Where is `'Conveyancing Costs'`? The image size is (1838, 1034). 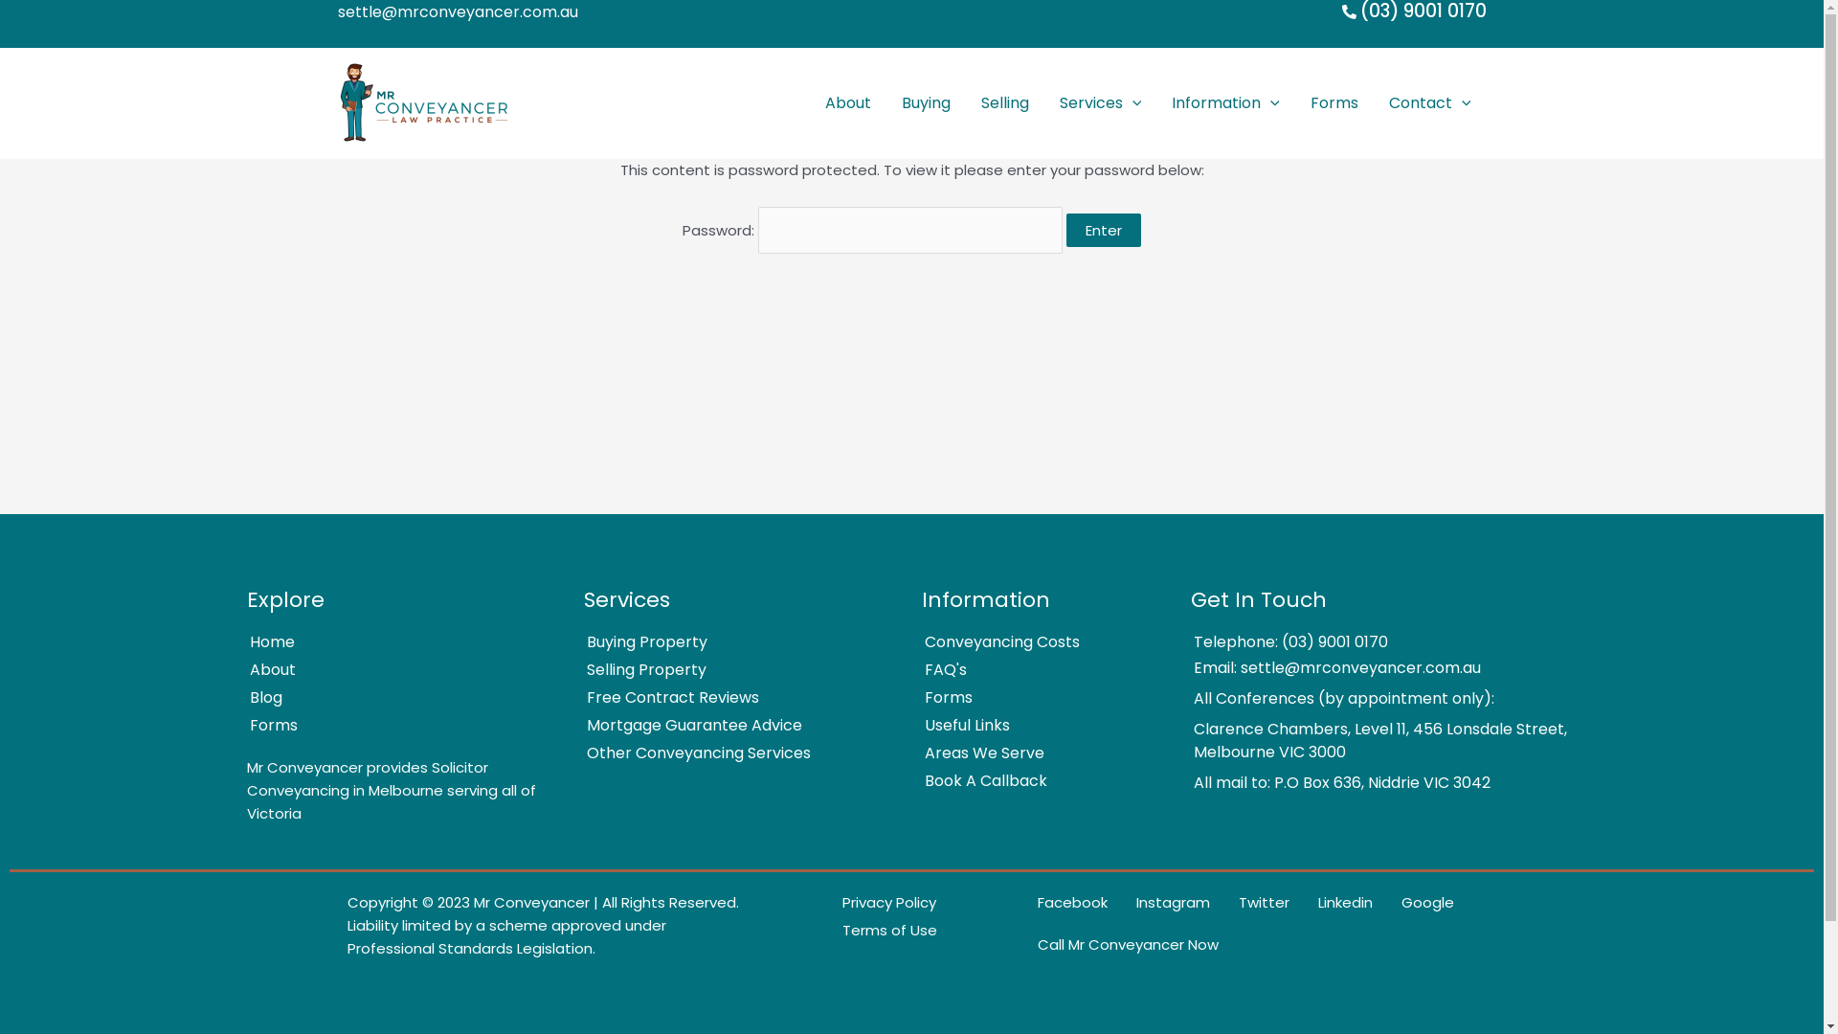
'Conveyancing Costs' is located at coordinates (1033, 642).